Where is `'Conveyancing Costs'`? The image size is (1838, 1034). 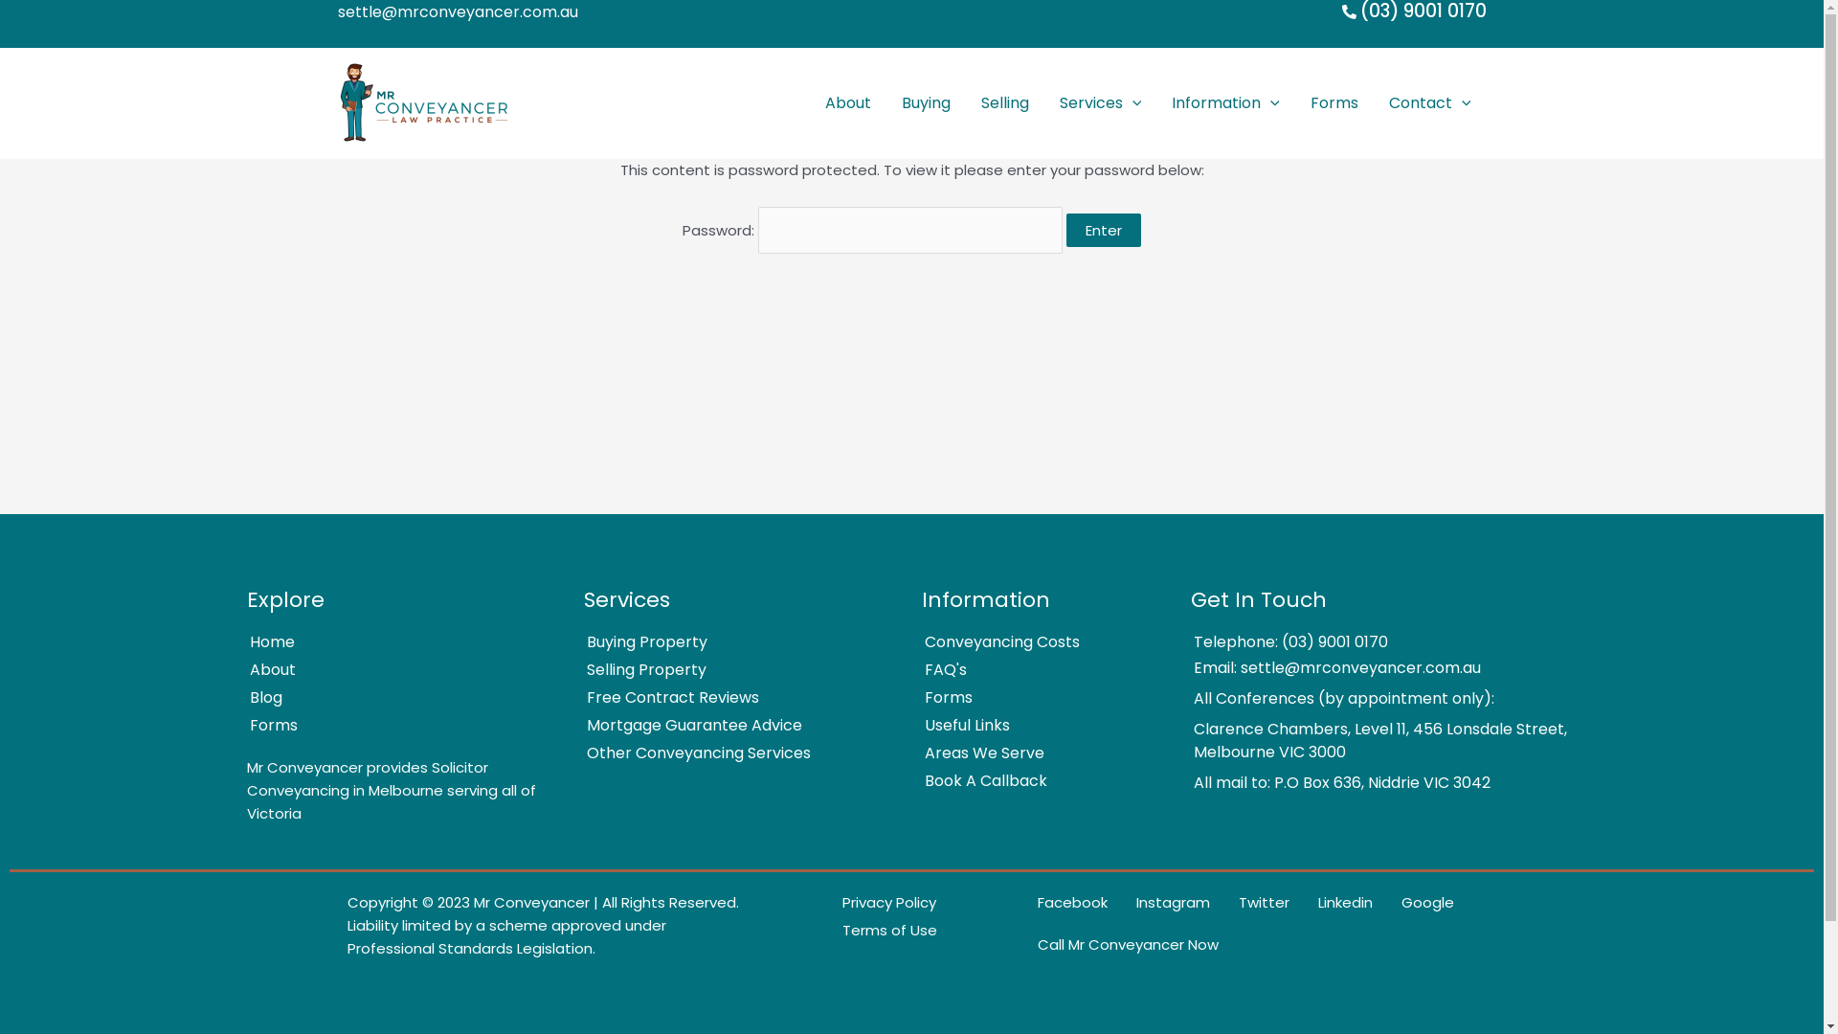
'Conveyancing Costs' is located at coordinates (1033, 642).